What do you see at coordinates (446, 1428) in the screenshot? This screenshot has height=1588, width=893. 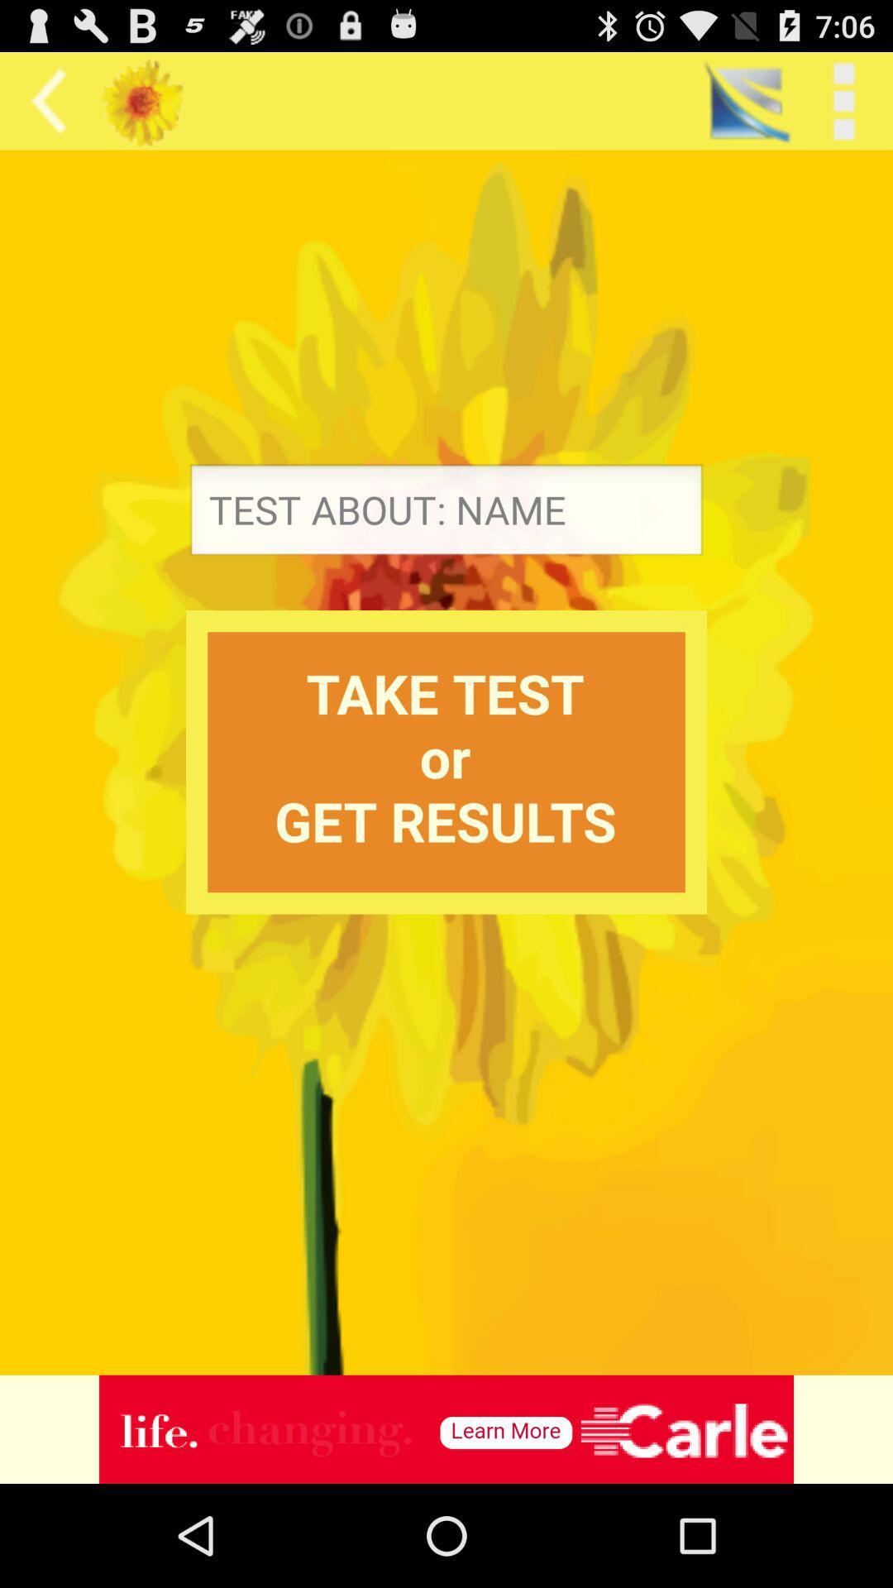 I see `icone` at bounding box center [446, 1428].